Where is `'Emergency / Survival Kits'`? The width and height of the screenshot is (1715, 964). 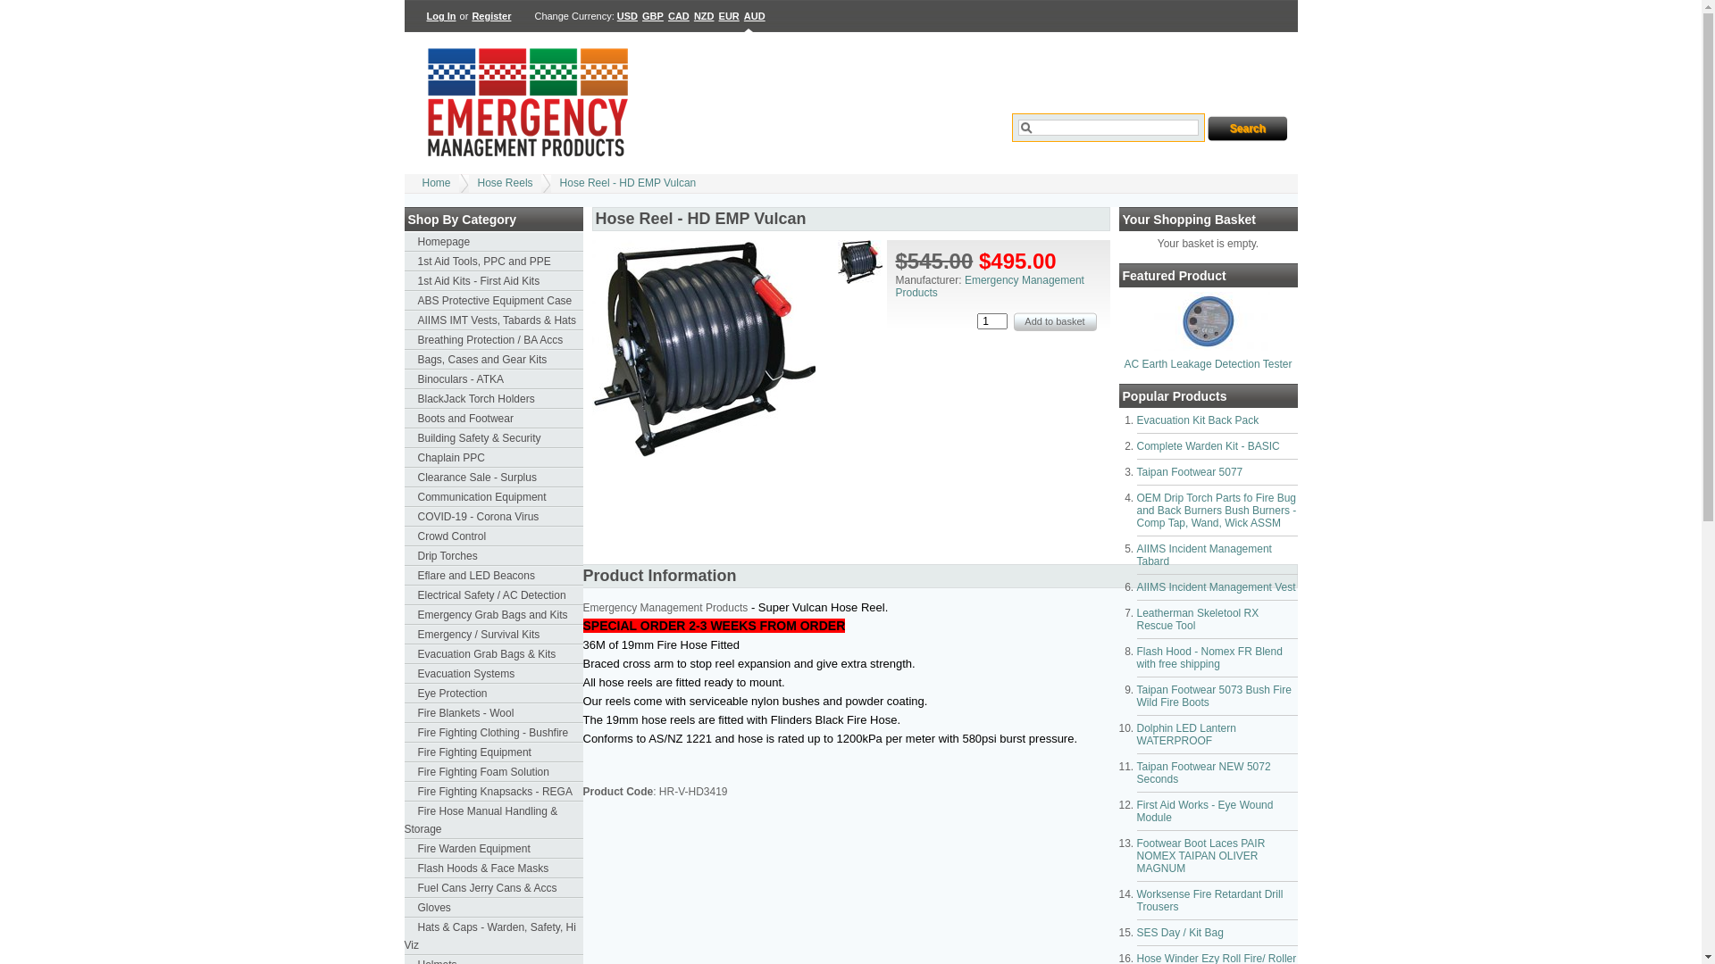
'Emergency / Survival Kits' is located at coordinates (493, 633).